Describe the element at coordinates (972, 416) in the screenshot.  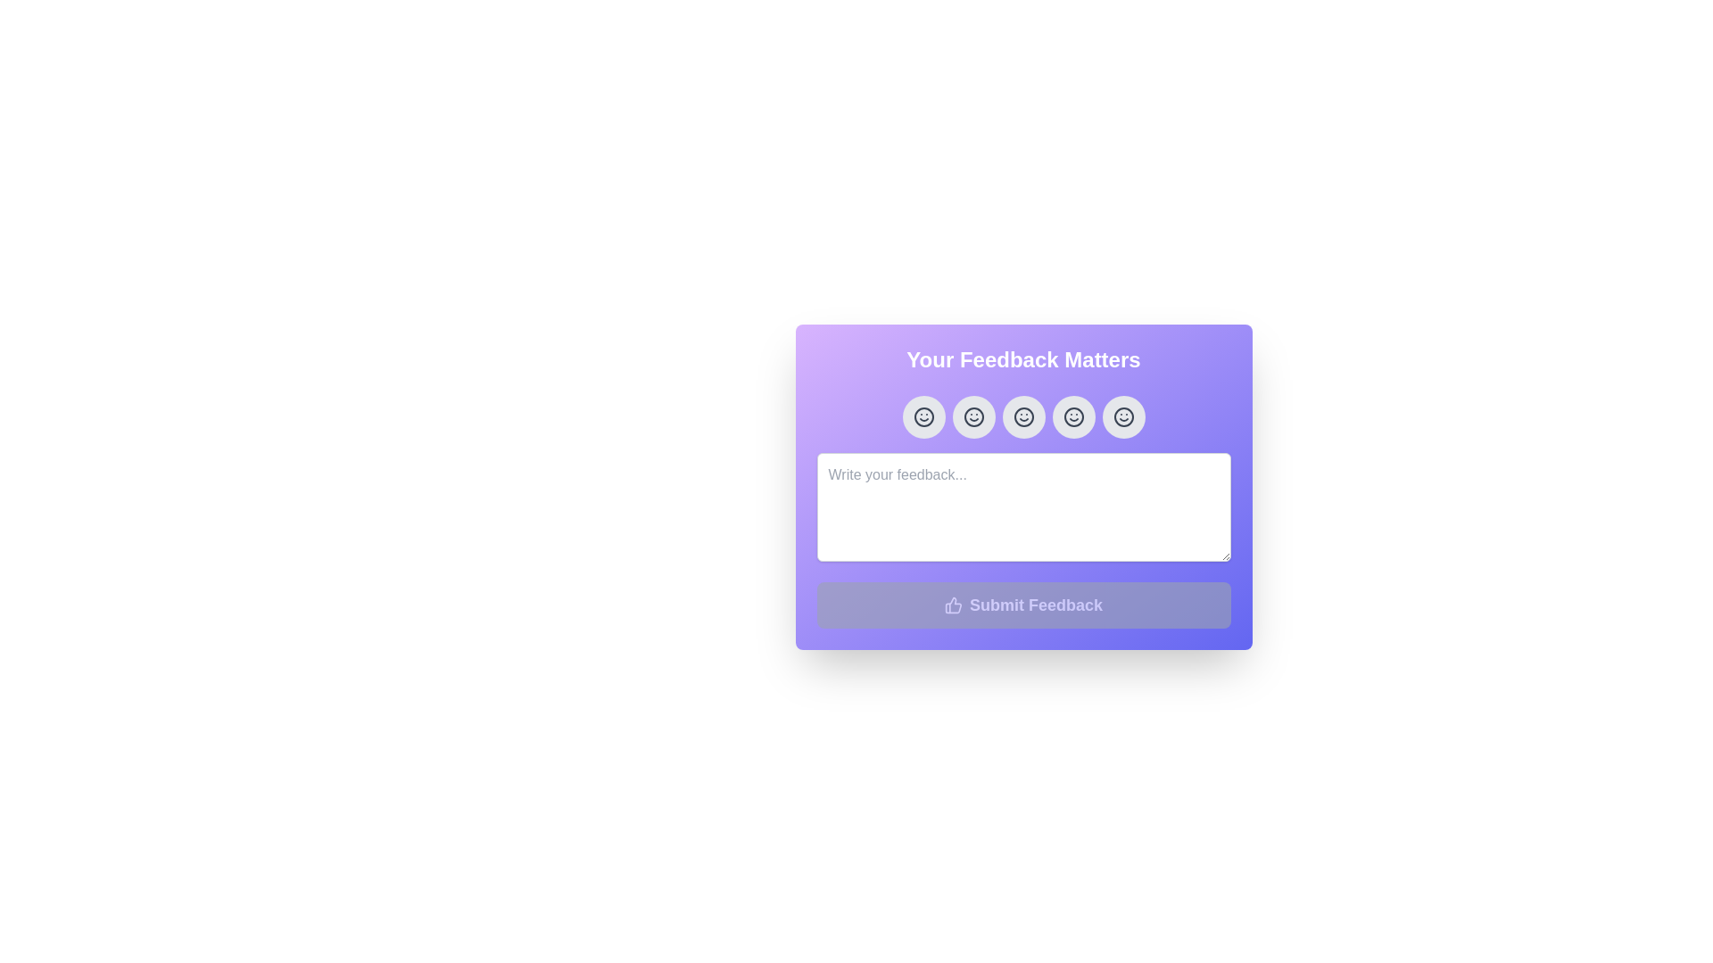
I see `the second circular button with a light gray background and a smiling face icon` at that location.